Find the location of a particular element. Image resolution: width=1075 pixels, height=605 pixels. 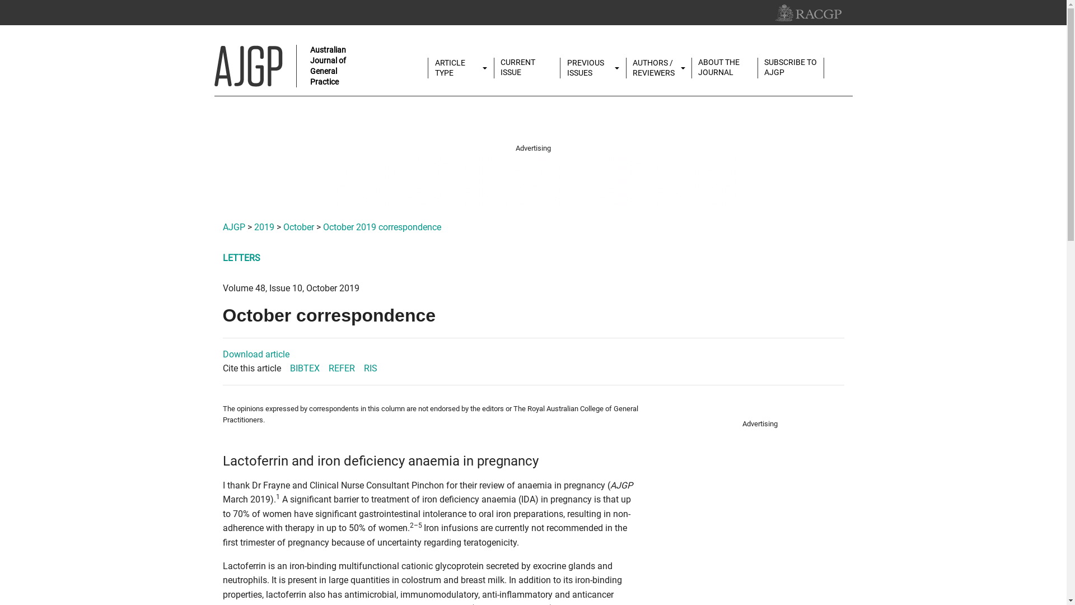

'2019' is located at coordinates (263, 227).